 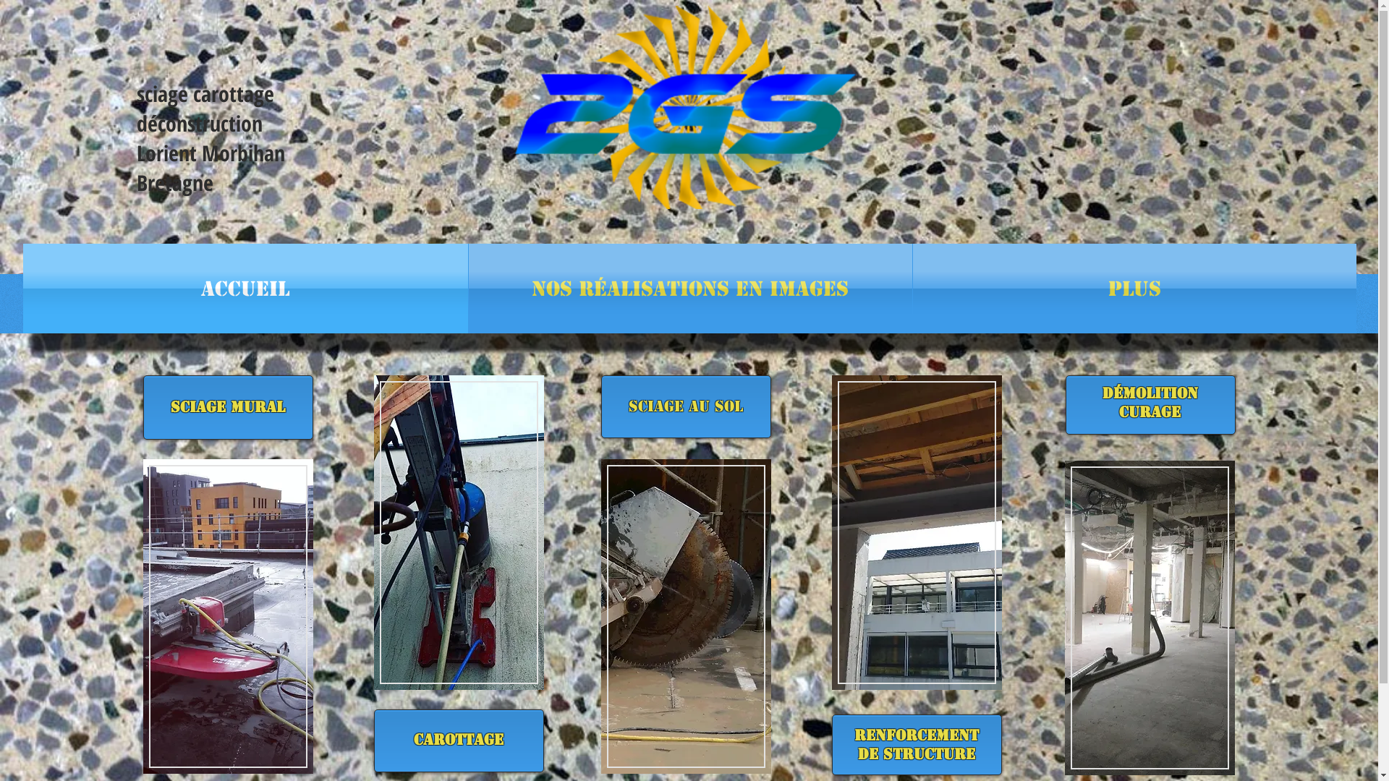 What do you see at coordinates (227, 616) in the screenshot?
I see `'015.jpg'` at bounding box center [227, 616].